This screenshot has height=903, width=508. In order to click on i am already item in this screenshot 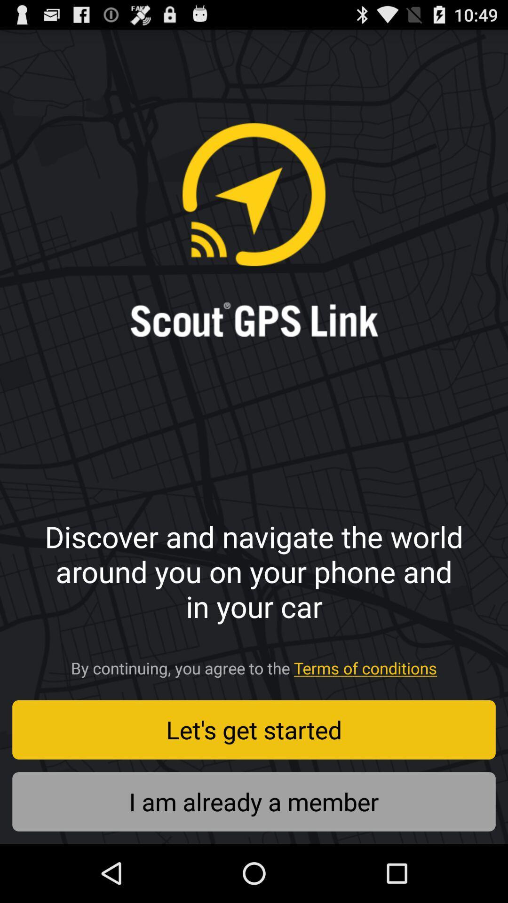, I will do `click(254, 801)`.